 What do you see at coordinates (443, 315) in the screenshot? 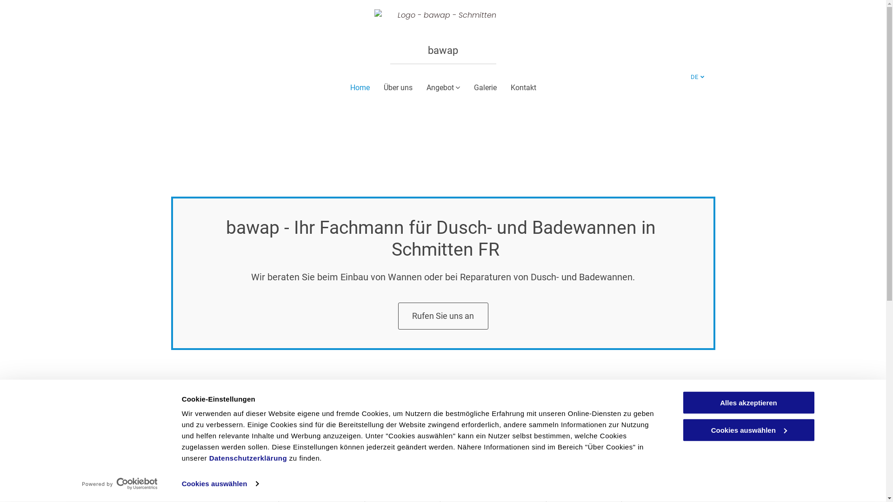
I see `'Rufen Sie uns an'` at bounding box center [443, 315].